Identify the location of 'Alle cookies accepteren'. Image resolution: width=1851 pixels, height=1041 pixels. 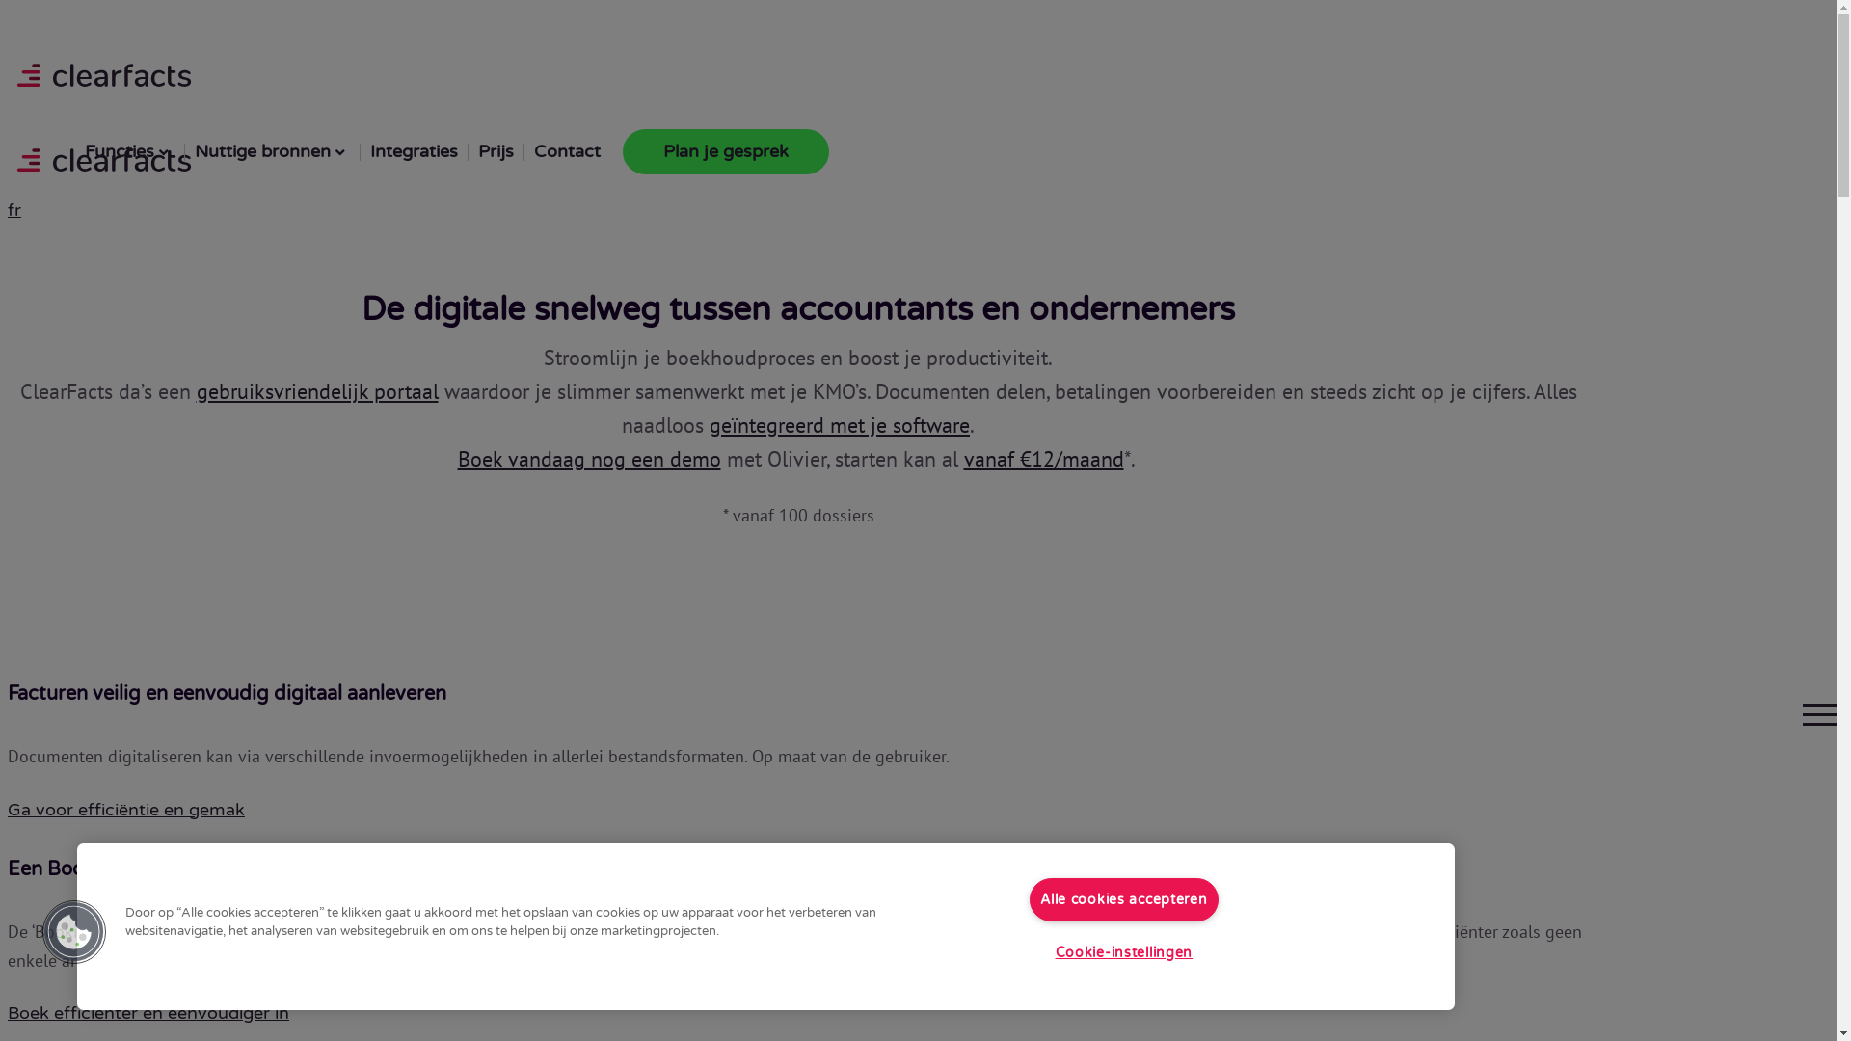
(1124, 899).